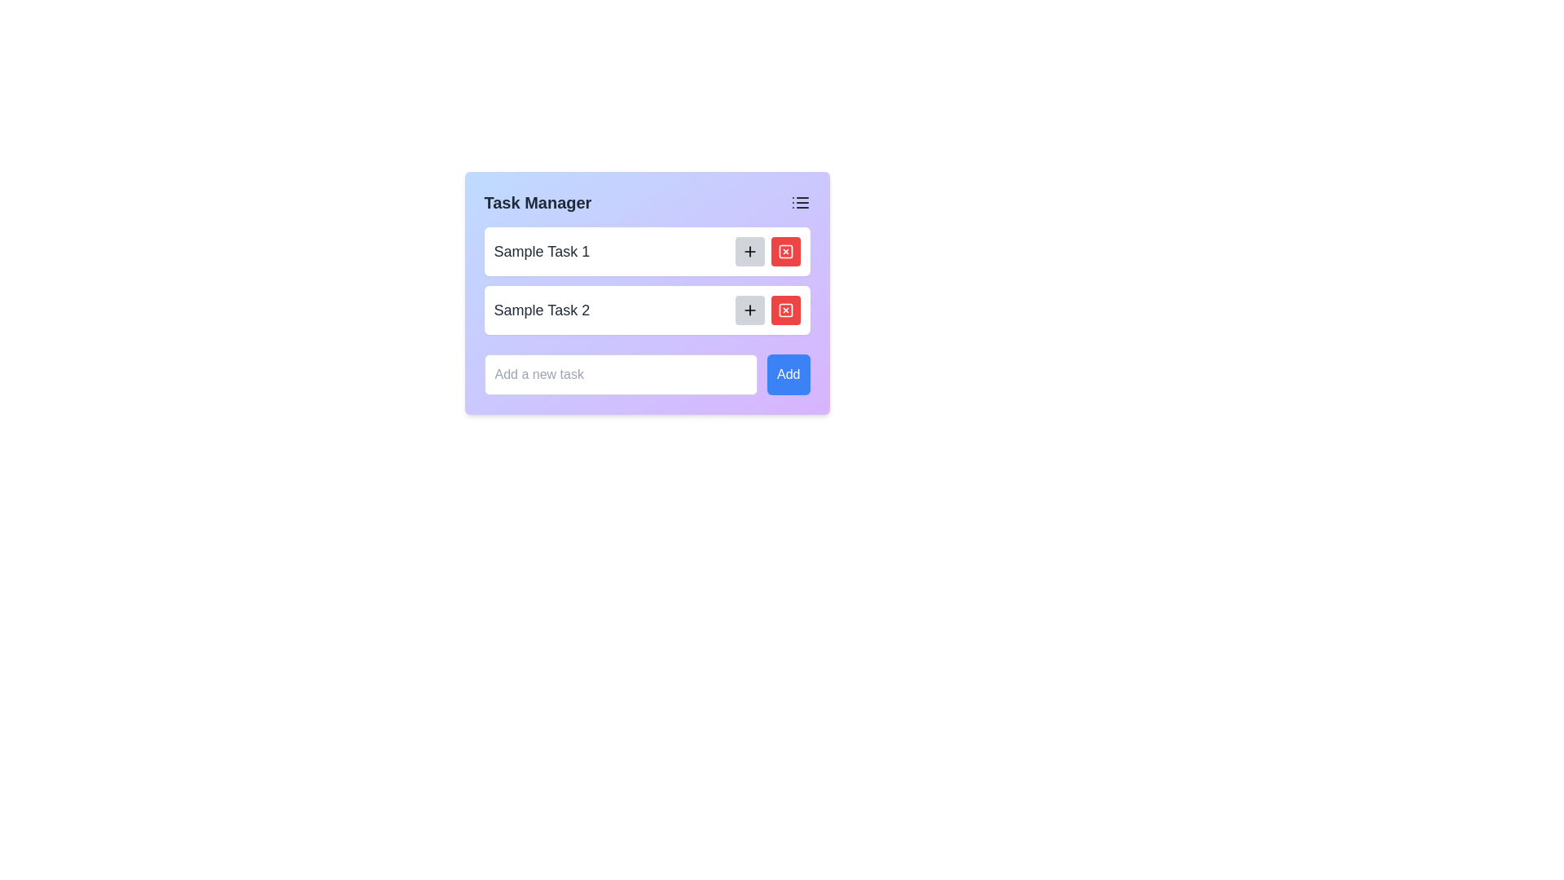 The height and width of the screenshot is (880, 1564). Describe the element at coordinates (800, 202) in the screenshot. I see `the list icon located in the top-right corner of the Task Manager interface` at that location.